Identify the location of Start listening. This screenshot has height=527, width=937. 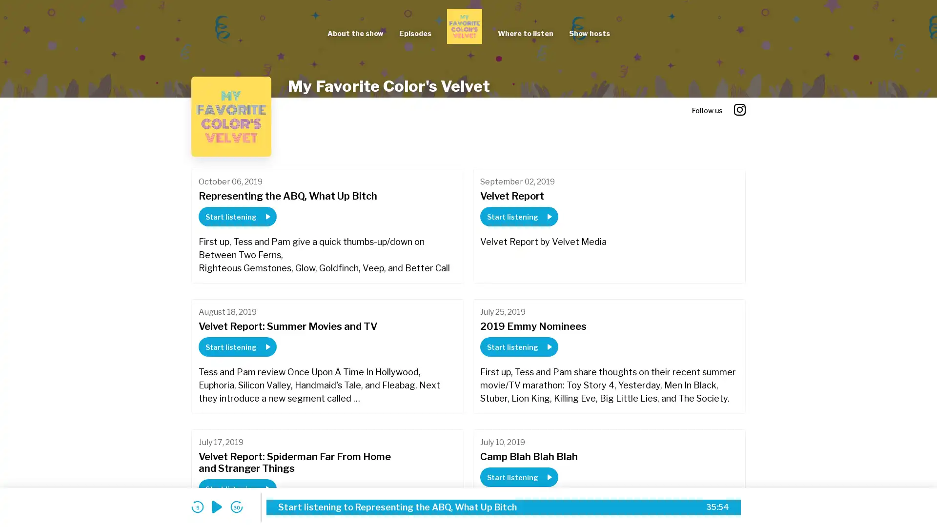
(519, 477).